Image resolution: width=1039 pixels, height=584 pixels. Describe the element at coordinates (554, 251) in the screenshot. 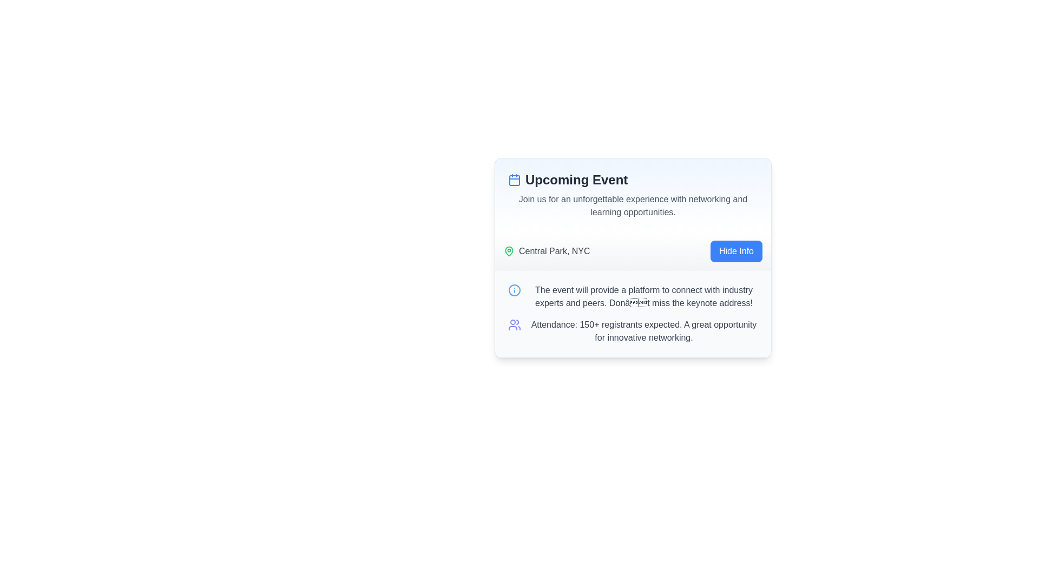

I see `the text label 'Central Park, NYC' which is located near the center of the interface, below the heading 'Upcoming Event', and aligned horizontally with a location pin icon to its left` at that location.